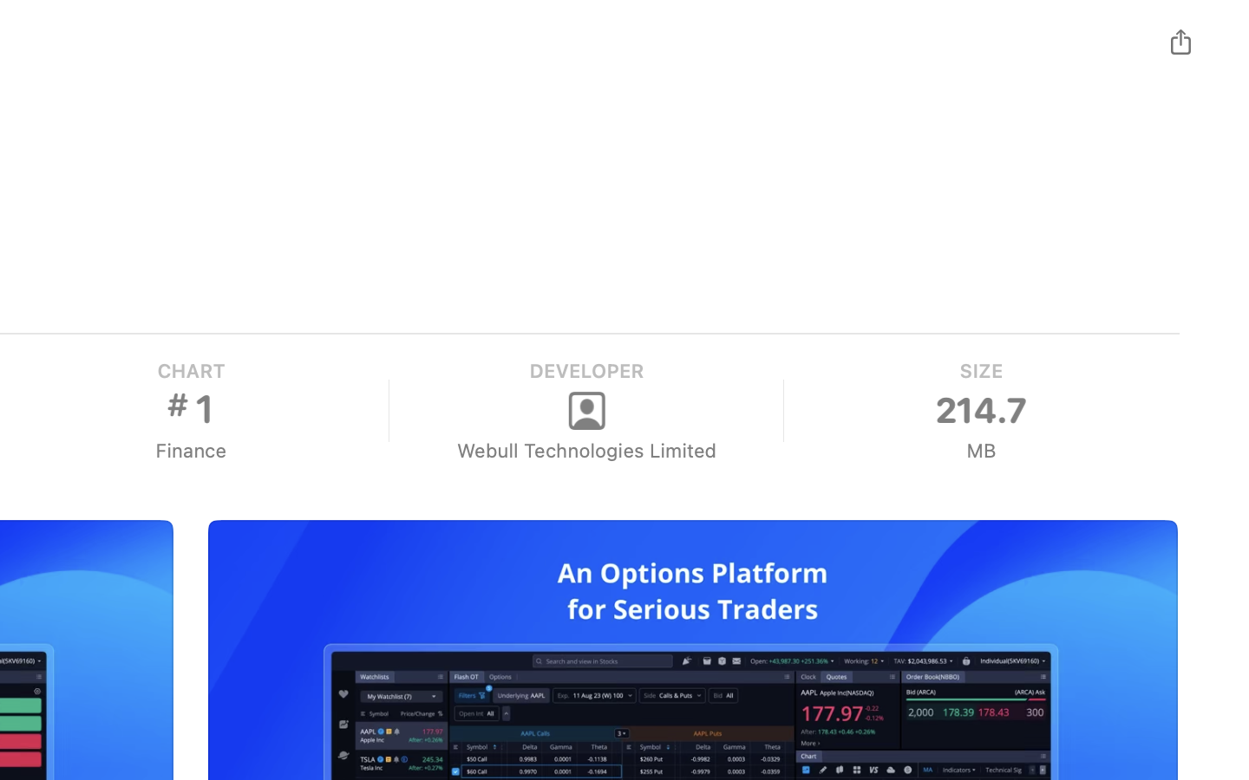 This screenshot has height=780, width=1249. What do you see at coordinates (190, 371) in the screenshot?
I see `'CHART'` at bounding box center [190, 371].